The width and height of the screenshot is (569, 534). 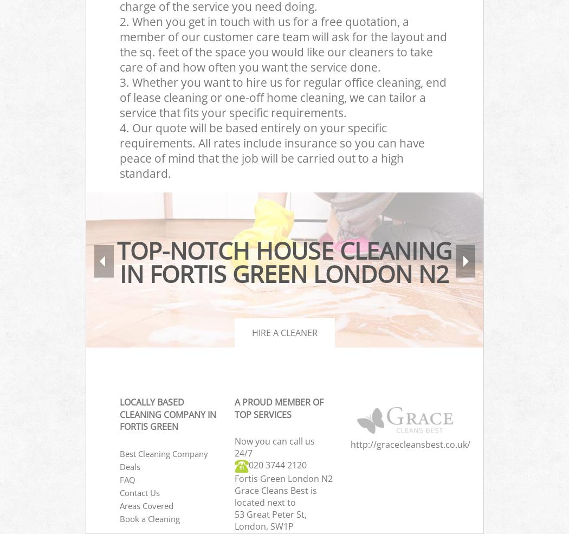 I want to click on 'Best Cleaning Company Deals', so click(x=163, y=459).